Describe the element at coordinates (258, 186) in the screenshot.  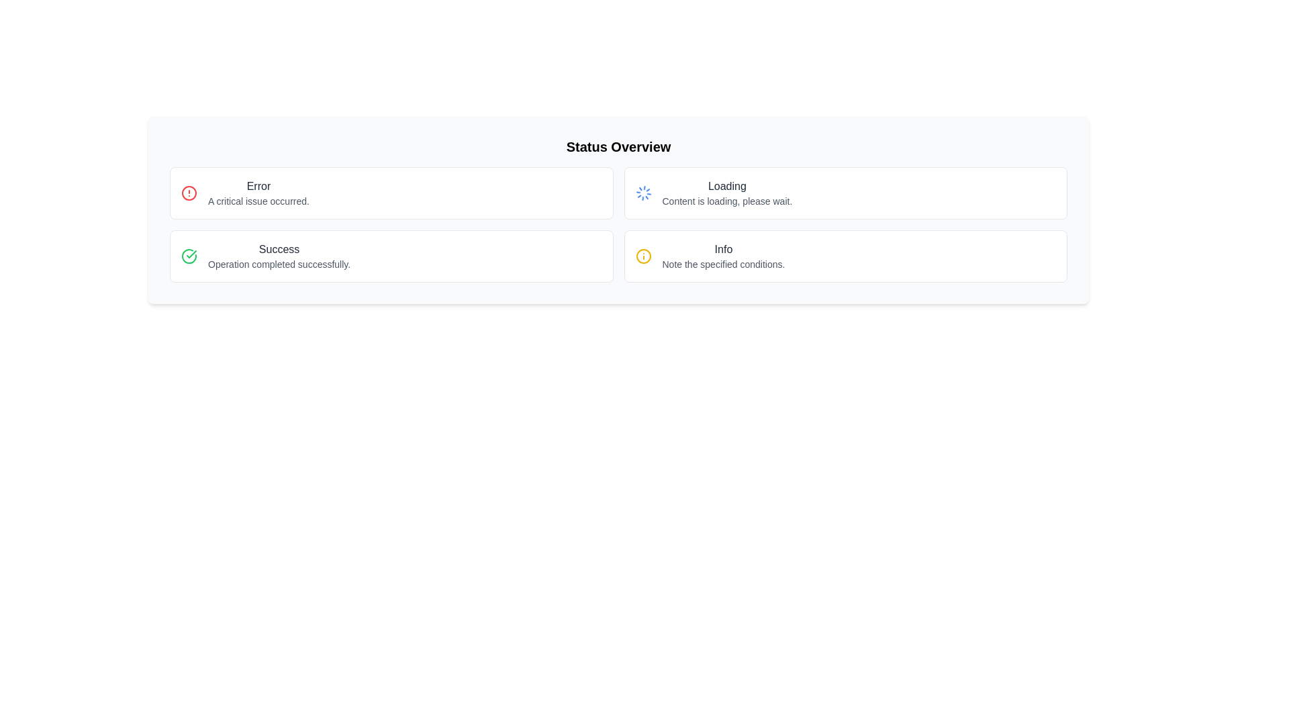
I see `the text label indicating the title of the status message labeled 'Error', which is positioned in the top-left quadrant of the white card containing the error notification` at that location.